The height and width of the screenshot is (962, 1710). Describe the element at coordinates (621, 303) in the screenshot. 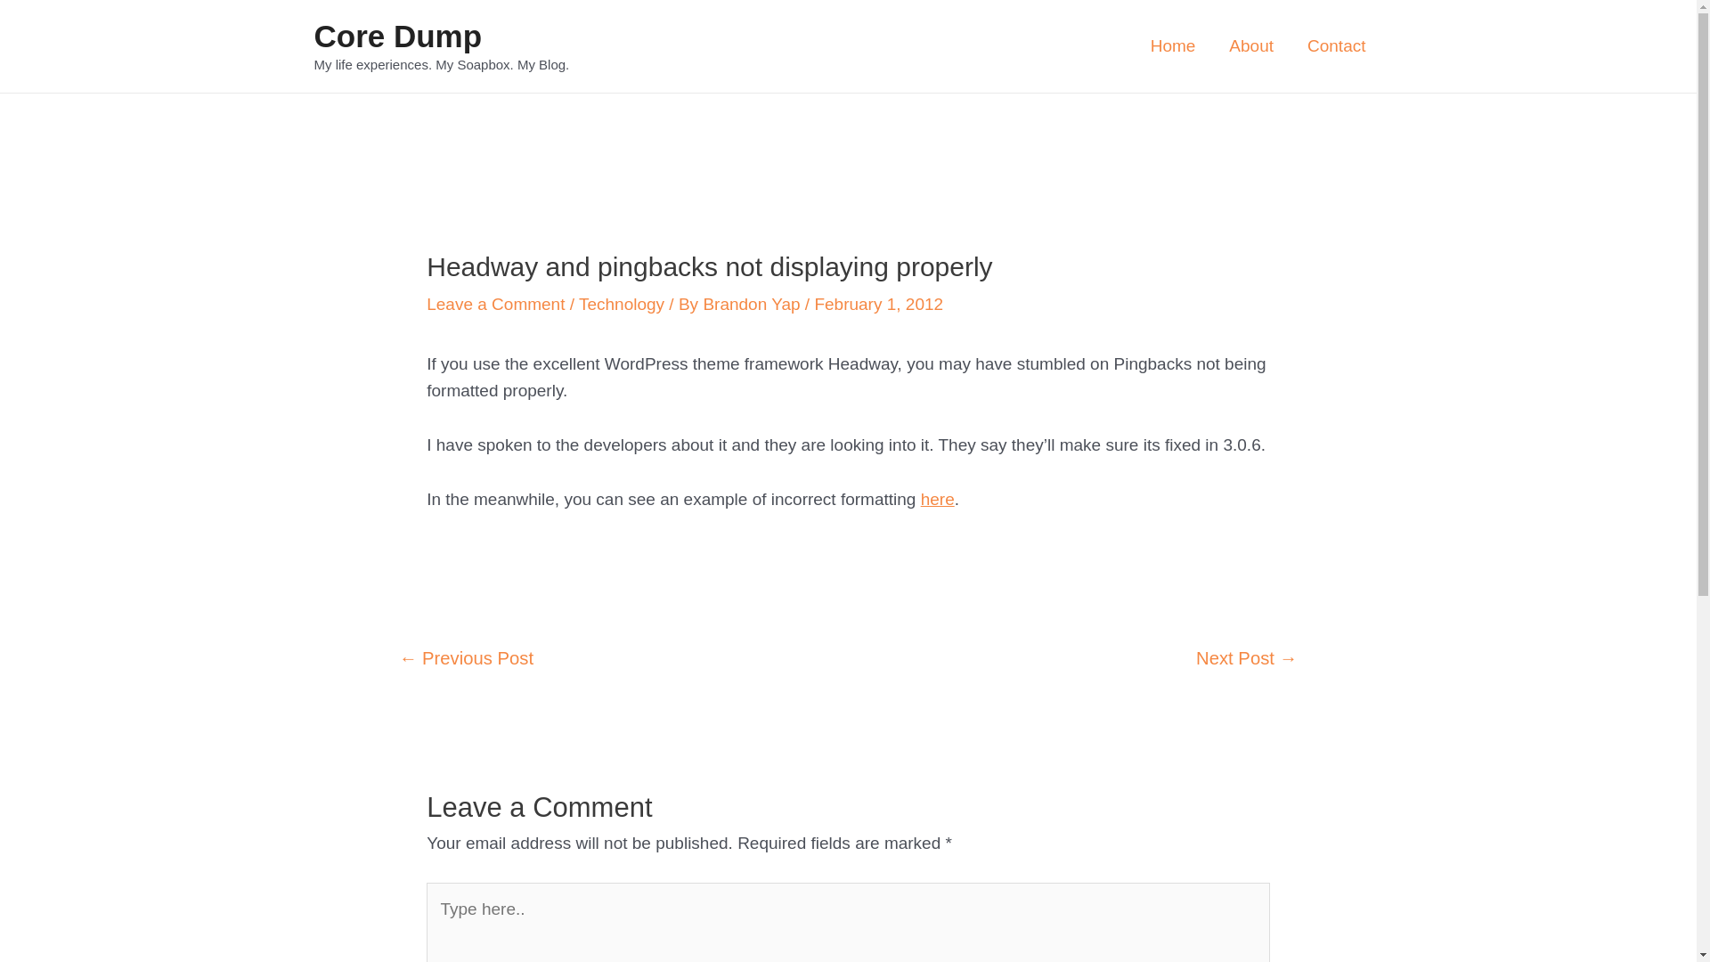

I see `'Technology'` at that location.